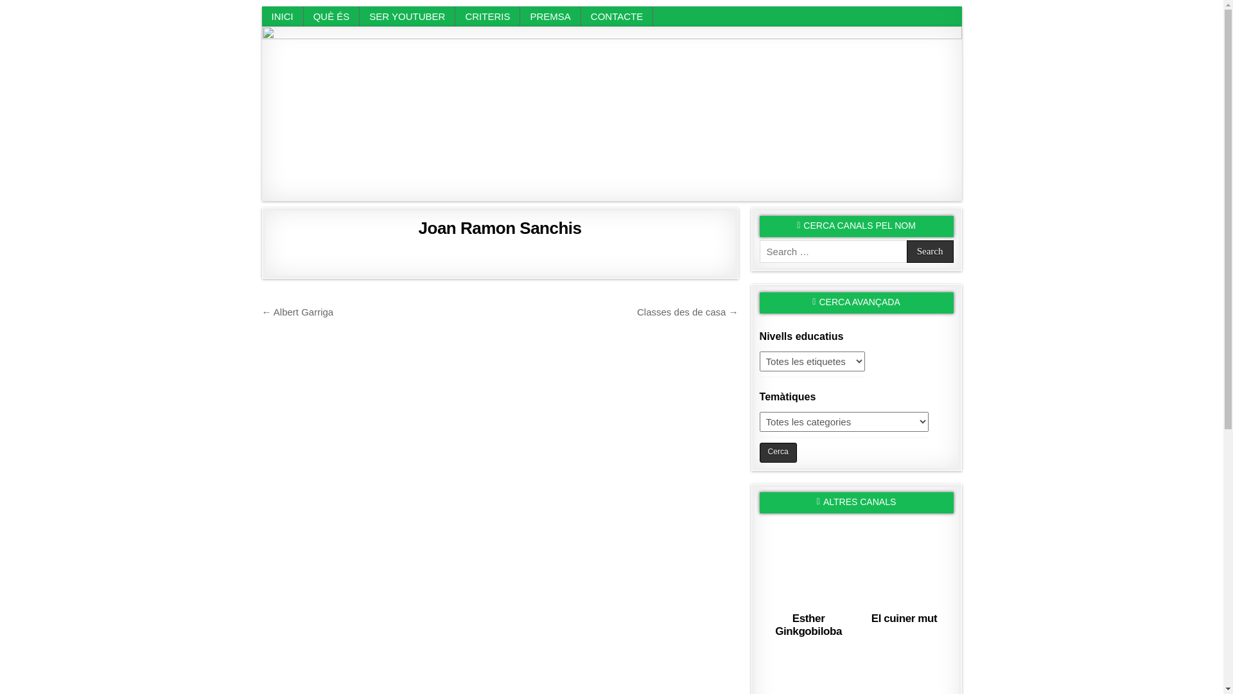 The image size is (1233, 694). What do you see at coordinates (616, 16) in the screenshot?
I see `'CONTACTE'` at bounding box center [616, 16].